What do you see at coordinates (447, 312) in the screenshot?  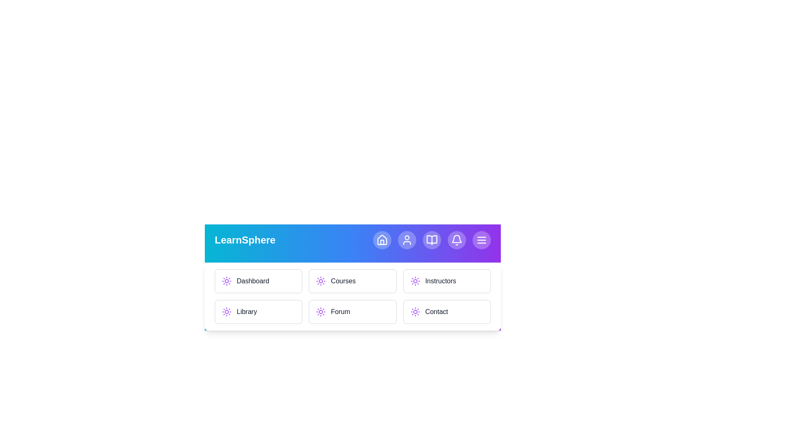 I see `the menu item Contact to navigate to the corresponding section` at bounding box center [447, 312].